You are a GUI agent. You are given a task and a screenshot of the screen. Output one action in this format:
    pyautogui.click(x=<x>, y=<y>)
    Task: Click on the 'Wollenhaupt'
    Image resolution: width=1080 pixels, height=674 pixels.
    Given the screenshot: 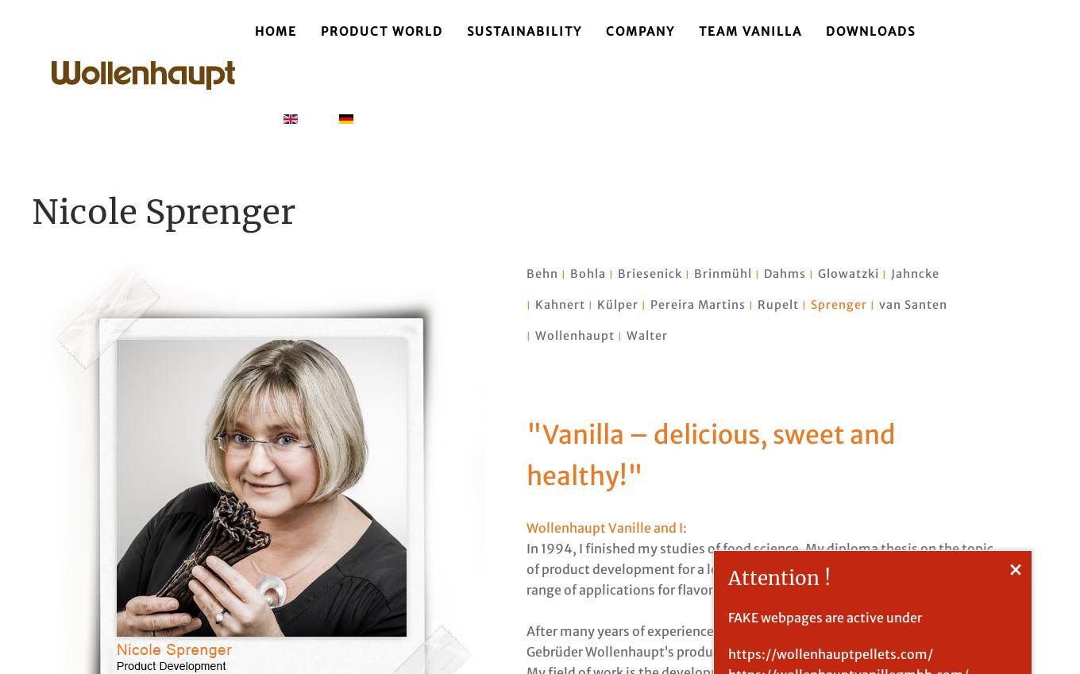 What is the action you would take?
    pyautogui.click(x=534, y=334)
    